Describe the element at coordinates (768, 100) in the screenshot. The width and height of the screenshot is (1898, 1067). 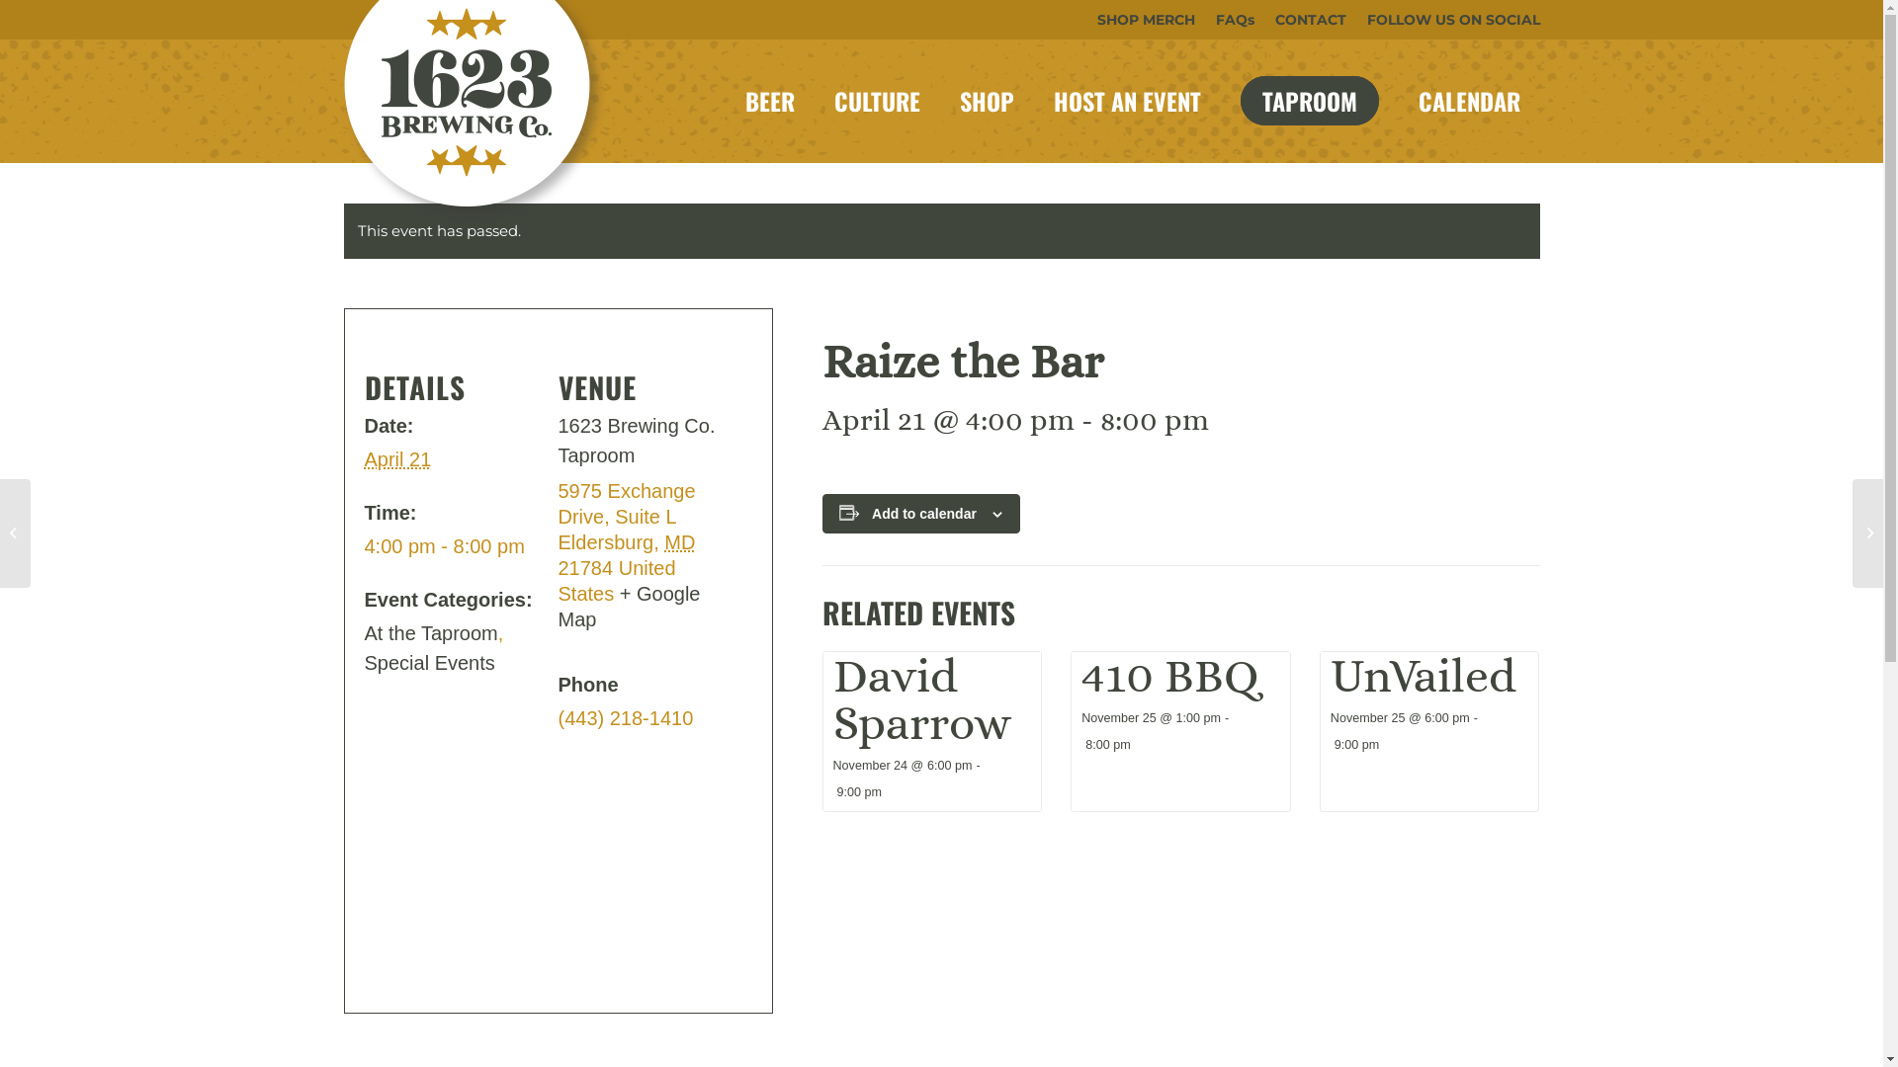
I see `'BEER'` at that location.